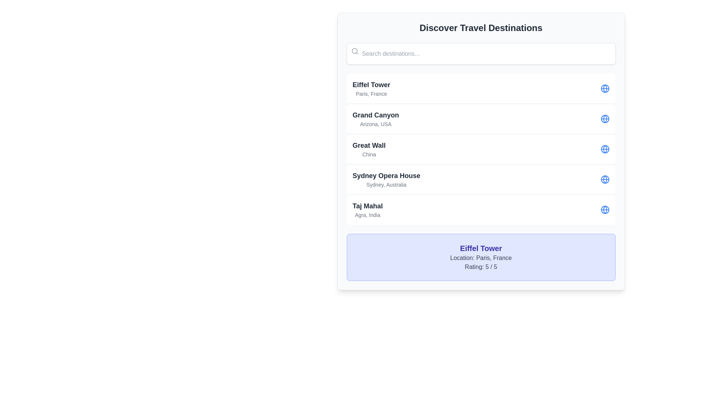 The image size is (719, 404). I want to click on the central SVG circle element of the 'globe' icon next to the 'Grand Canyon' entry in the travel destinations interface, so click(605, 88).